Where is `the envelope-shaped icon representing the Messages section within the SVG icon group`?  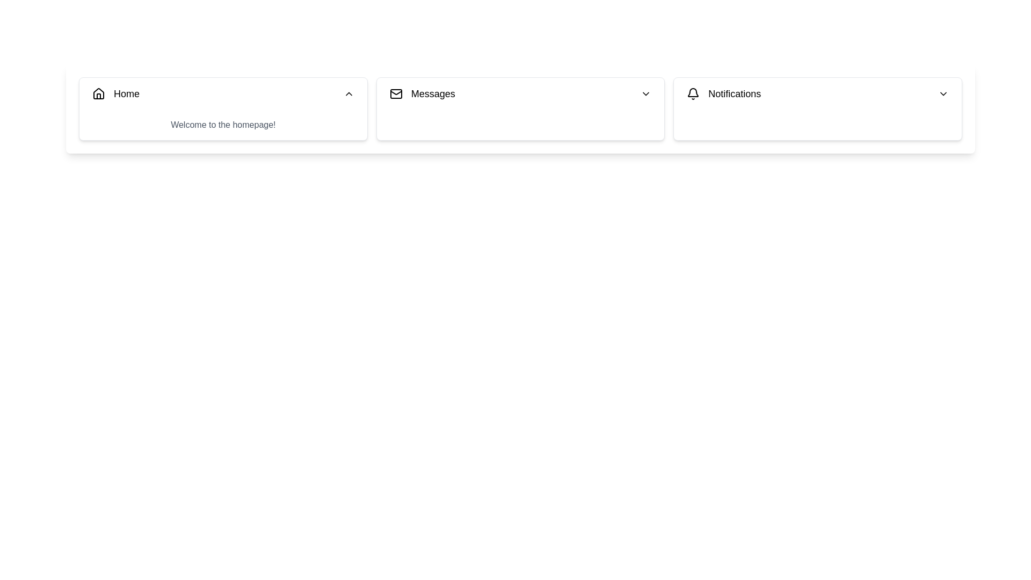 the envelope-shaped icon representing the Messages section within the SVG icon group is located at coordinates (395, 93).